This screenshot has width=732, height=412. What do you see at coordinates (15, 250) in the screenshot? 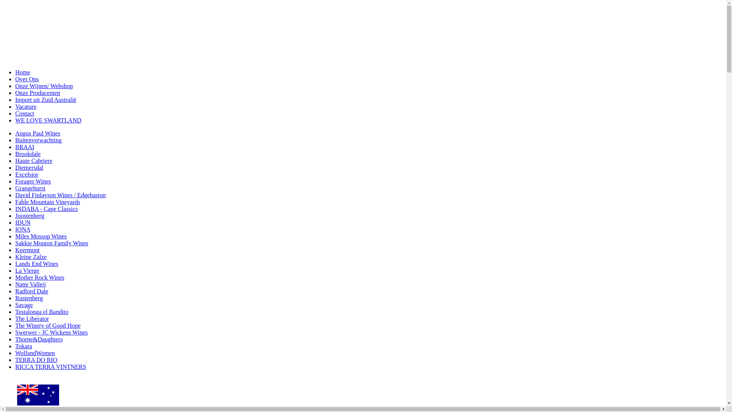
I see `'Keermont'` at bounding box center [15, 250].